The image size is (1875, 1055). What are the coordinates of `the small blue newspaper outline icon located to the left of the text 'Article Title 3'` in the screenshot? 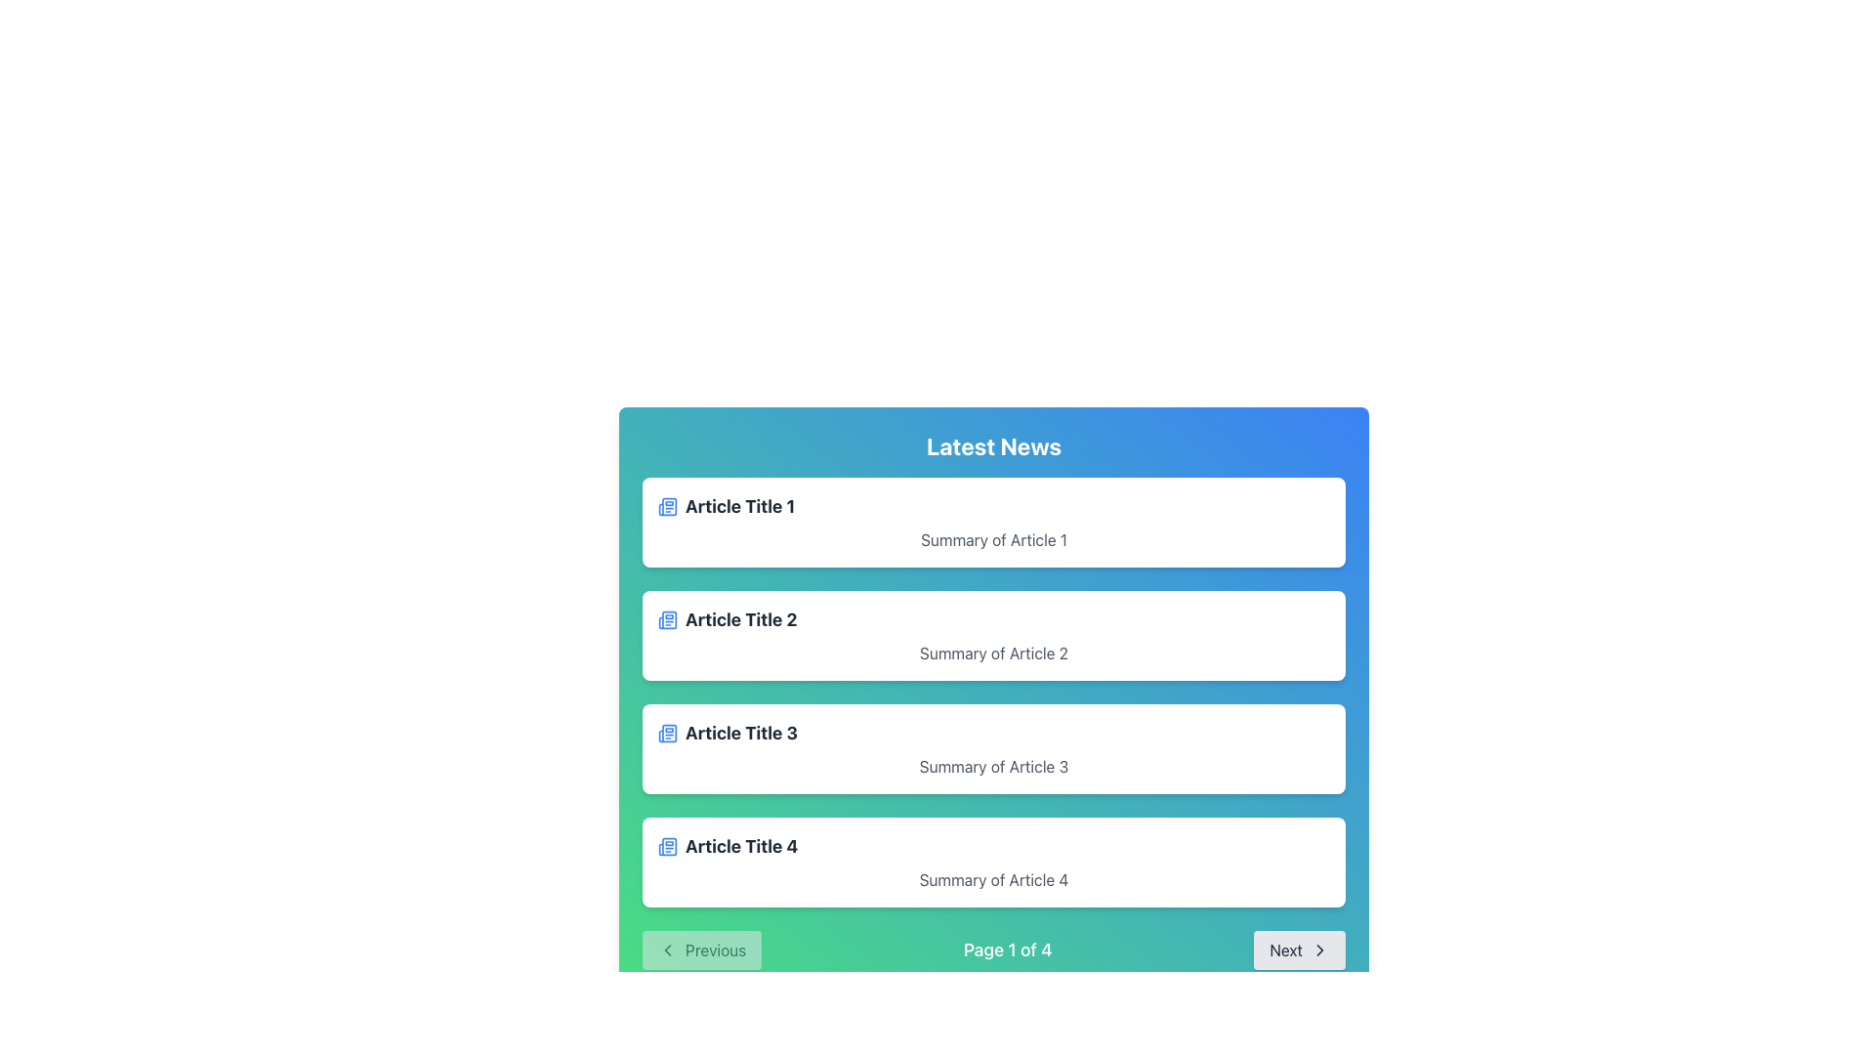 It's located at (668, 734).